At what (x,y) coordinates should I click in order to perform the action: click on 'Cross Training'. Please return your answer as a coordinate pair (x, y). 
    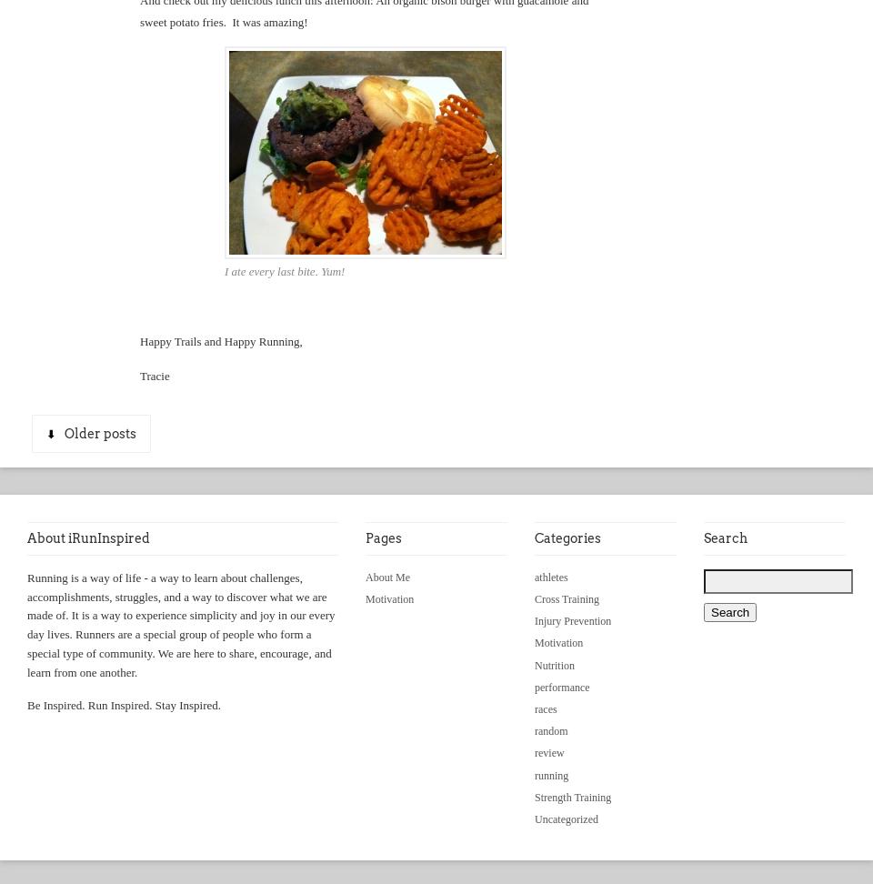
    Looking at the image, I should click on (535, 599).